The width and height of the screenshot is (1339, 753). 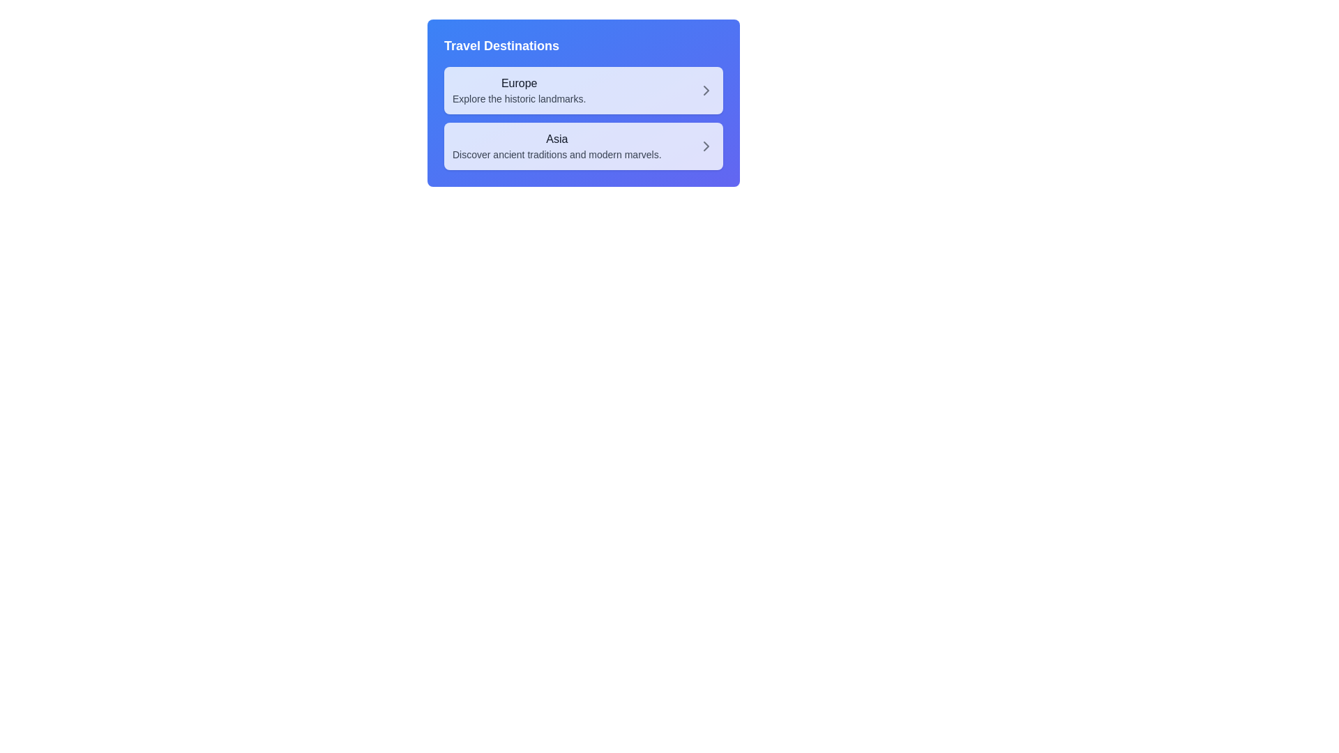 I want to click on the text element that provides a description or tagline associated with the heading text 'Europe', located beneath it in the first card under the 'Travel Destinations' section, so click(x=518, y=98).